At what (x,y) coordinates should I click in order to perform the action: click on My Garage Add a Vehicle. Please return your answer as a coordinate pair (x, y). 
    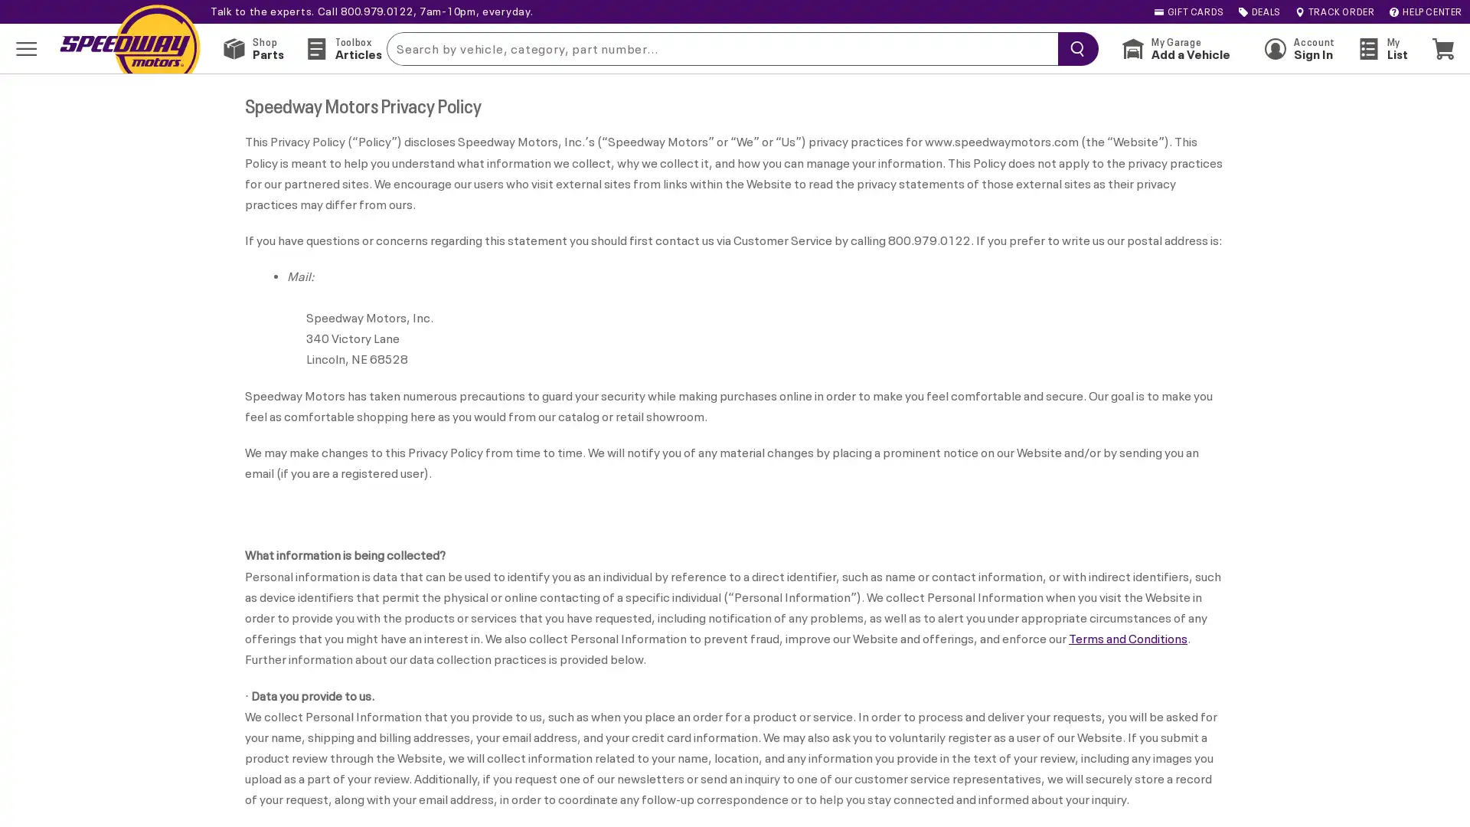
    Looking at the image, I should click on (1175, 47).